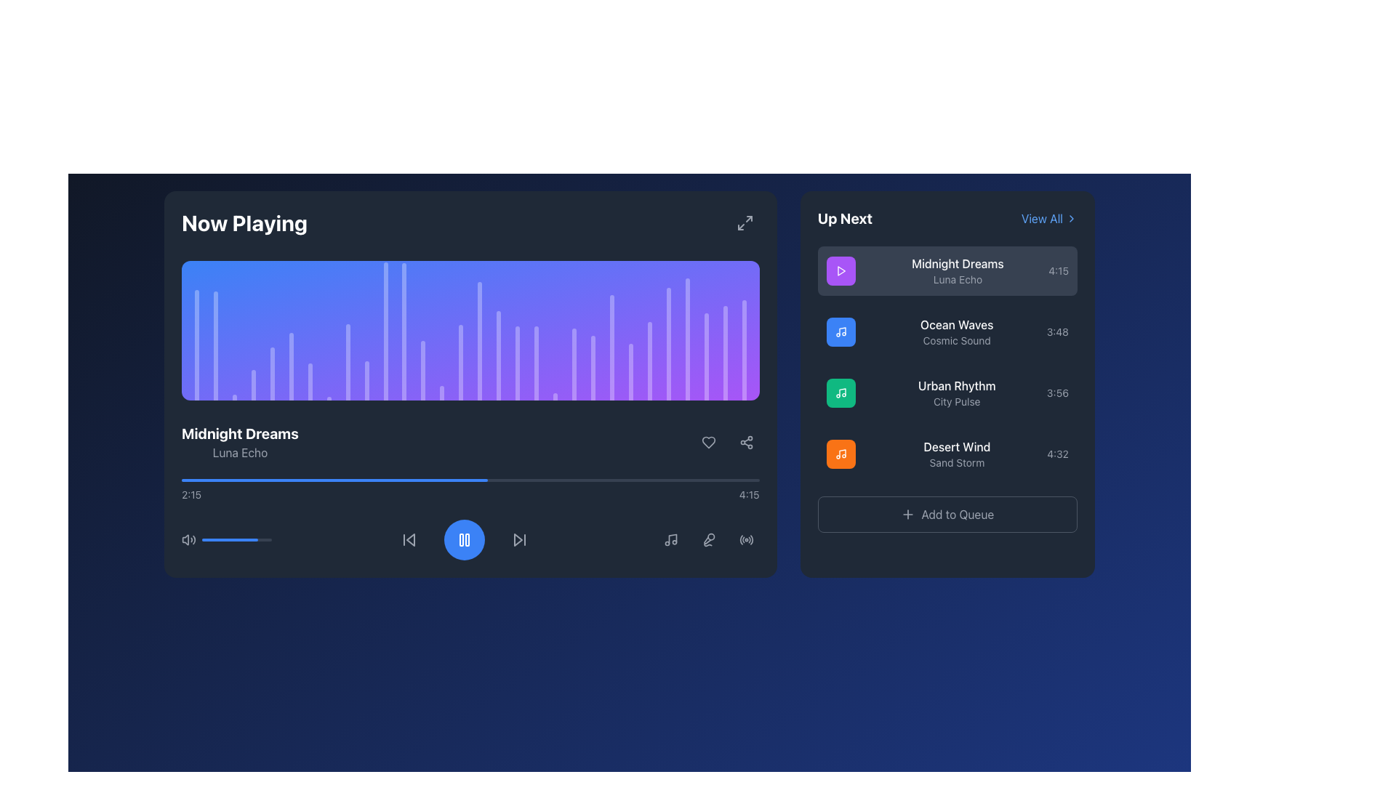 This screenshot has width=1396, height=785. Describe the element at coordinates (214, 345) in the screenshot. I see `the dynamic behavior of the second vertical bar in the 'Now Playing' section, which represents the amplitude of a specific audio frequency` at that location.